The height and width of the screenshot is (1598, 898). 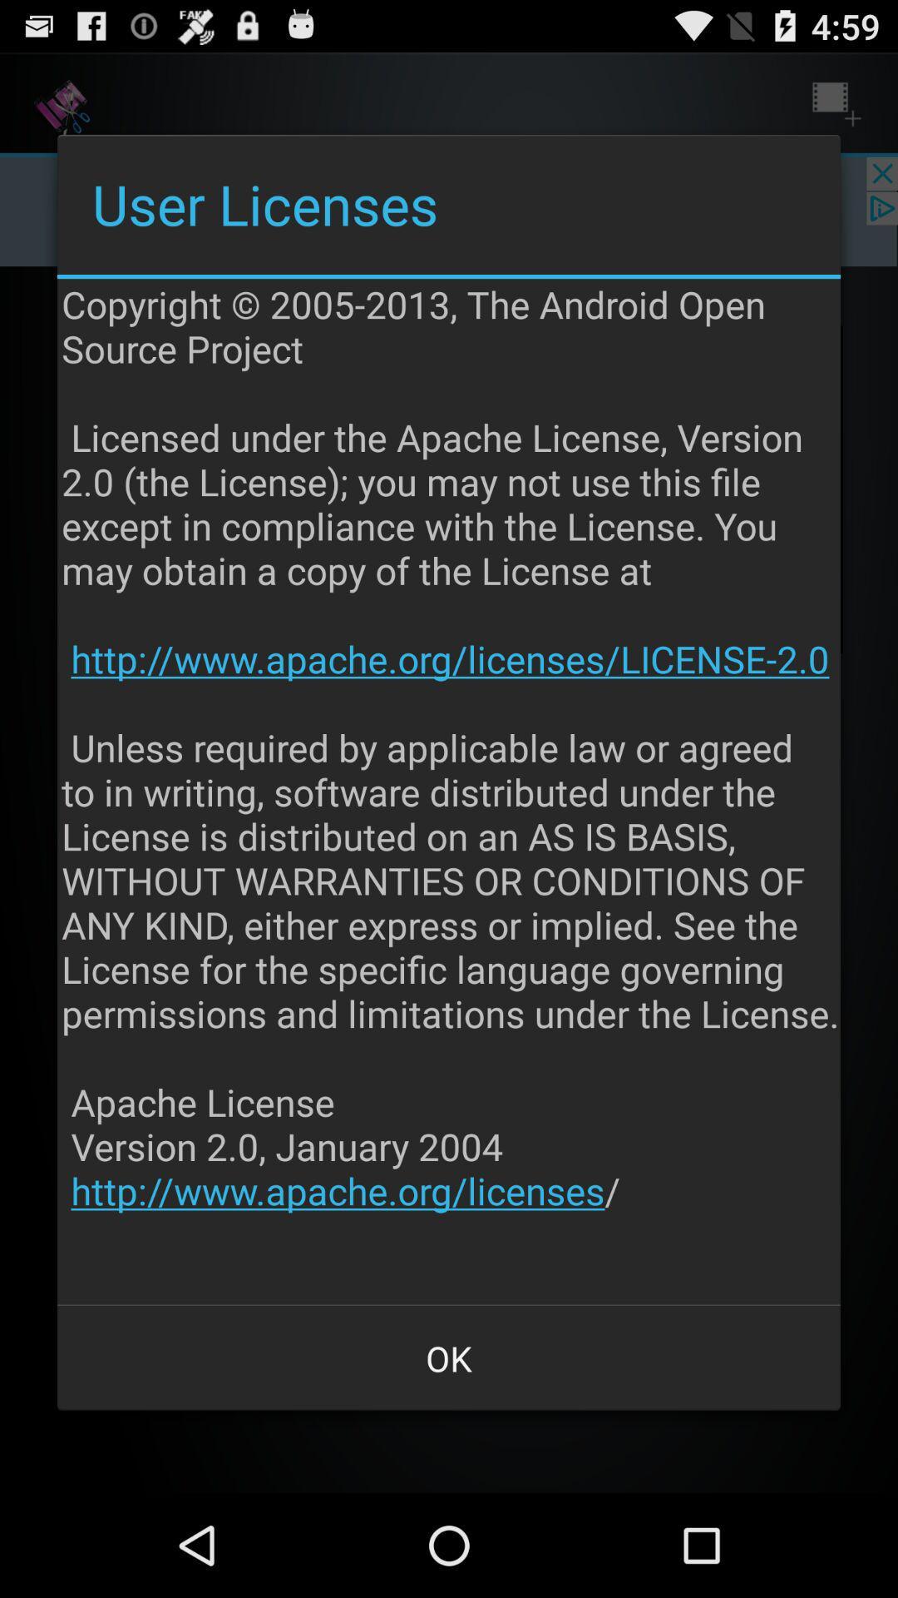 I want to click on the copyright 2005 2013, so click(x=451, y=791).